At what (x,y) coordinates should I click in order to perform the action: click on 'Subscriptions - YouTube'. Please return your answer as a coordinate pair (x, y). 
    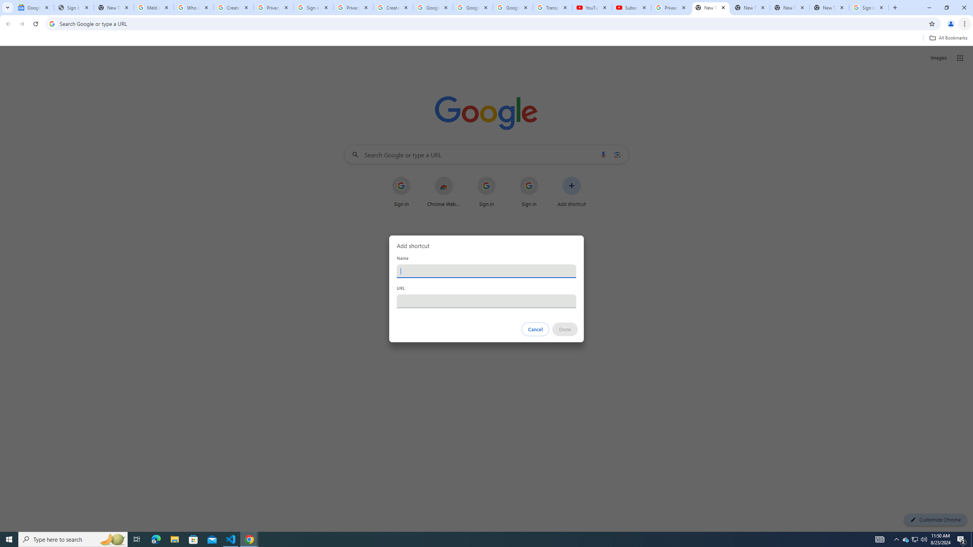
    Looking at the image, I should click on (631, 7).